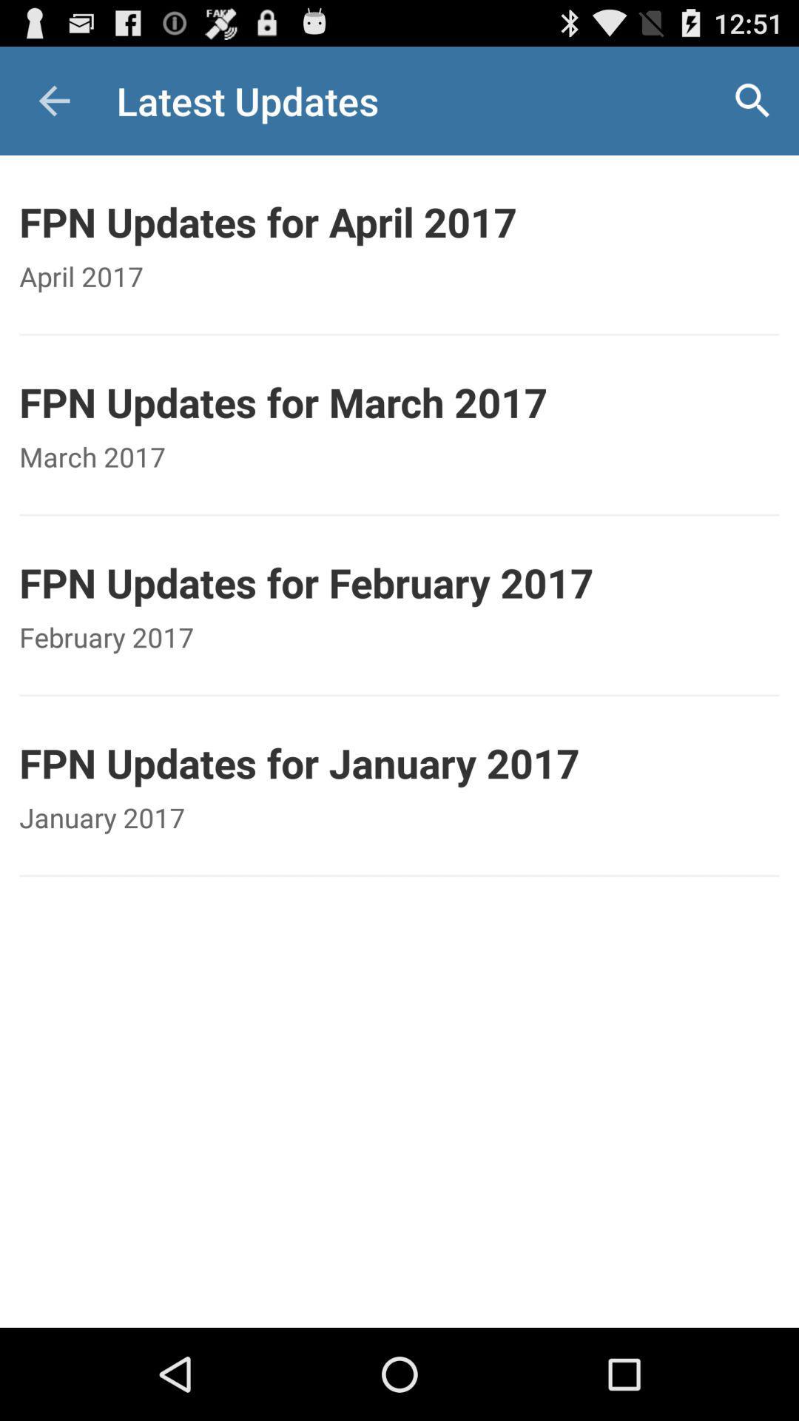  I want to click on the app next to the latest updates app, so click(53, 100).